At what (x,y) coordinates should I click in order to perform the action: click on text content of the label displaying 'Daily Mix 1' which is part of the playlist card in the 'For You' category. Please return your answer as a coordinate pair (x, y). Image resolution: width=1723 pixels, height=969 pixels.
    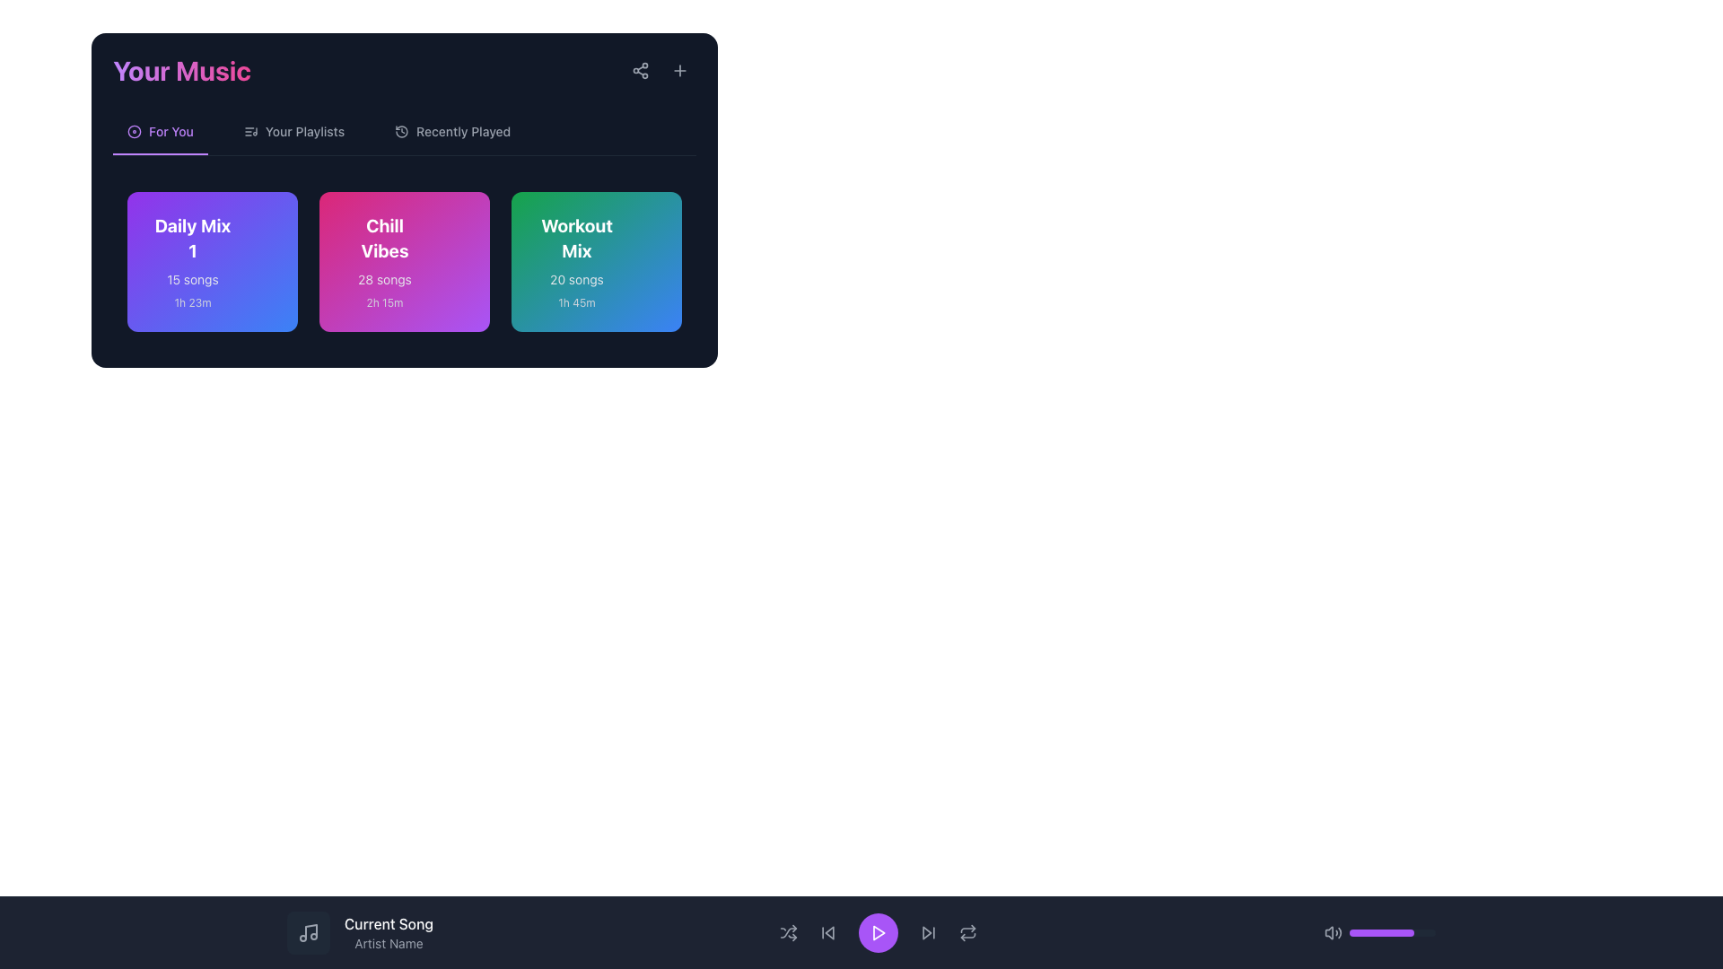
    Looking at the image, I should click on (193, 238).